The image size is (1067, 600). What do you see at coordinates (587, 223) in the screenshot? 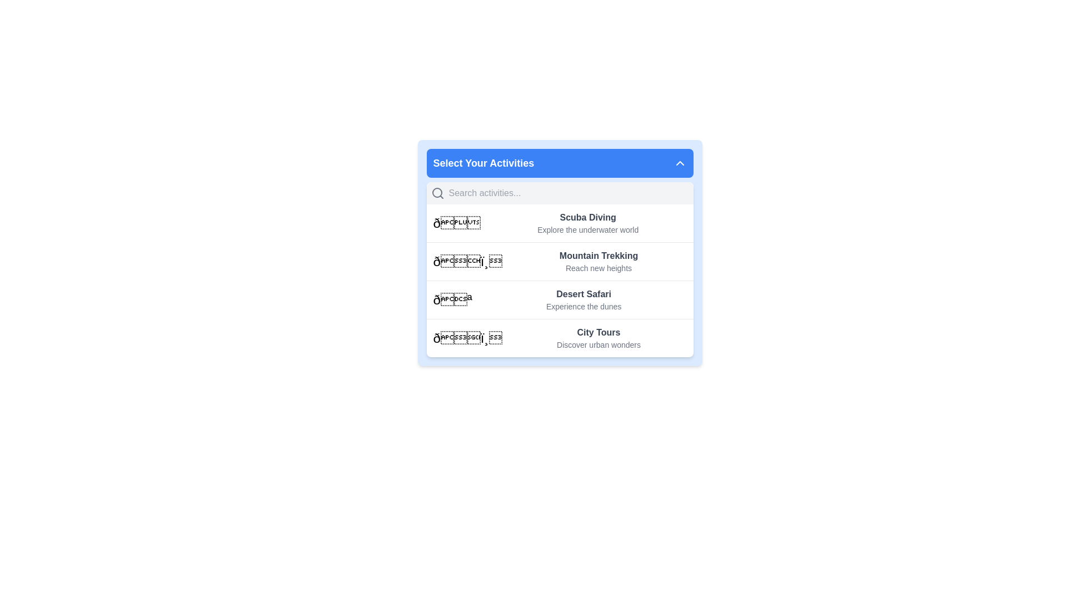
I see `the selectable option for scuba diving, which is the second item in the list below the title 'Select Your Activities'` at bounding box center [587, 223].